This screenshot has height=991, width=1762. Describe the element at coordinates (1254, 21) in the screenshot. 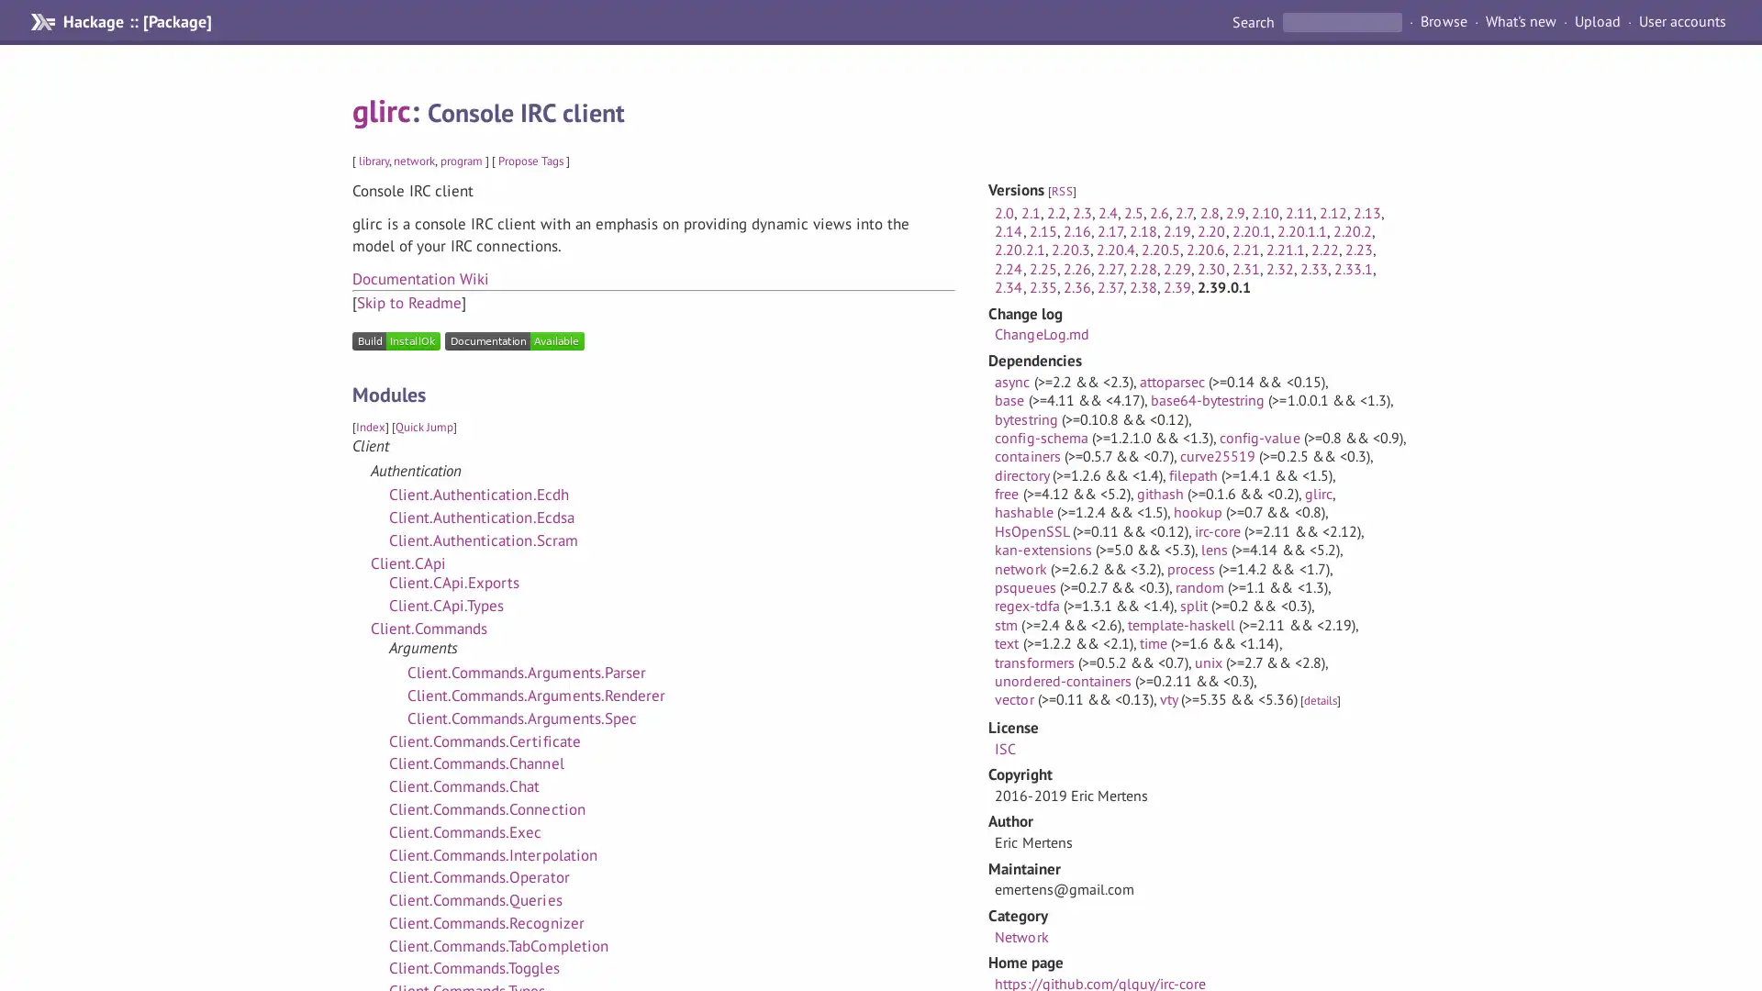

I see `Search` at that location.